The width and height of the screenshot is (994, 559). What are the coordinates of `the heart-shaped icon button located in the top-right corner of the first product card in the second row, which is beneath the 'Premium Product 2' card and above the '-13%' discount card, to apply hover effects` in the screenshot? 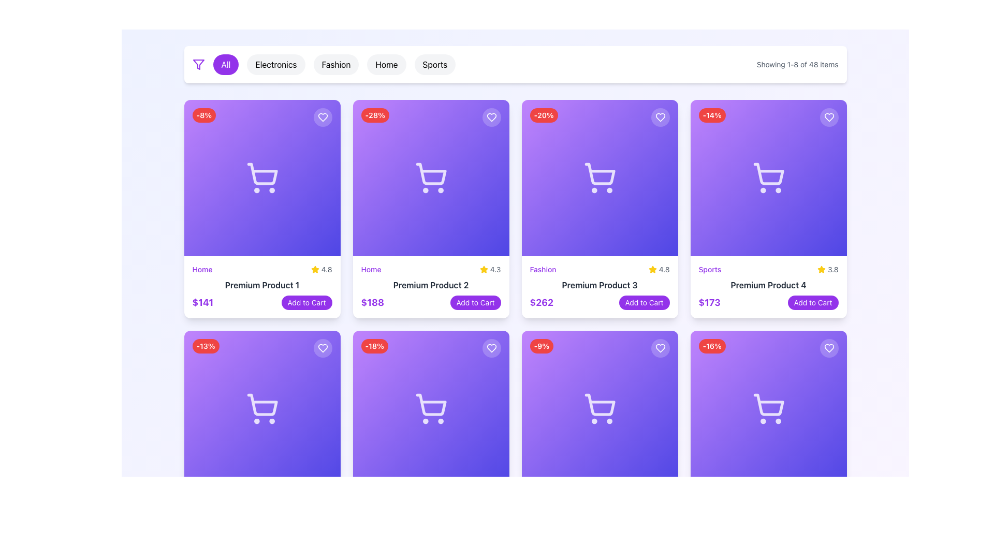 It's located at (322, 348).